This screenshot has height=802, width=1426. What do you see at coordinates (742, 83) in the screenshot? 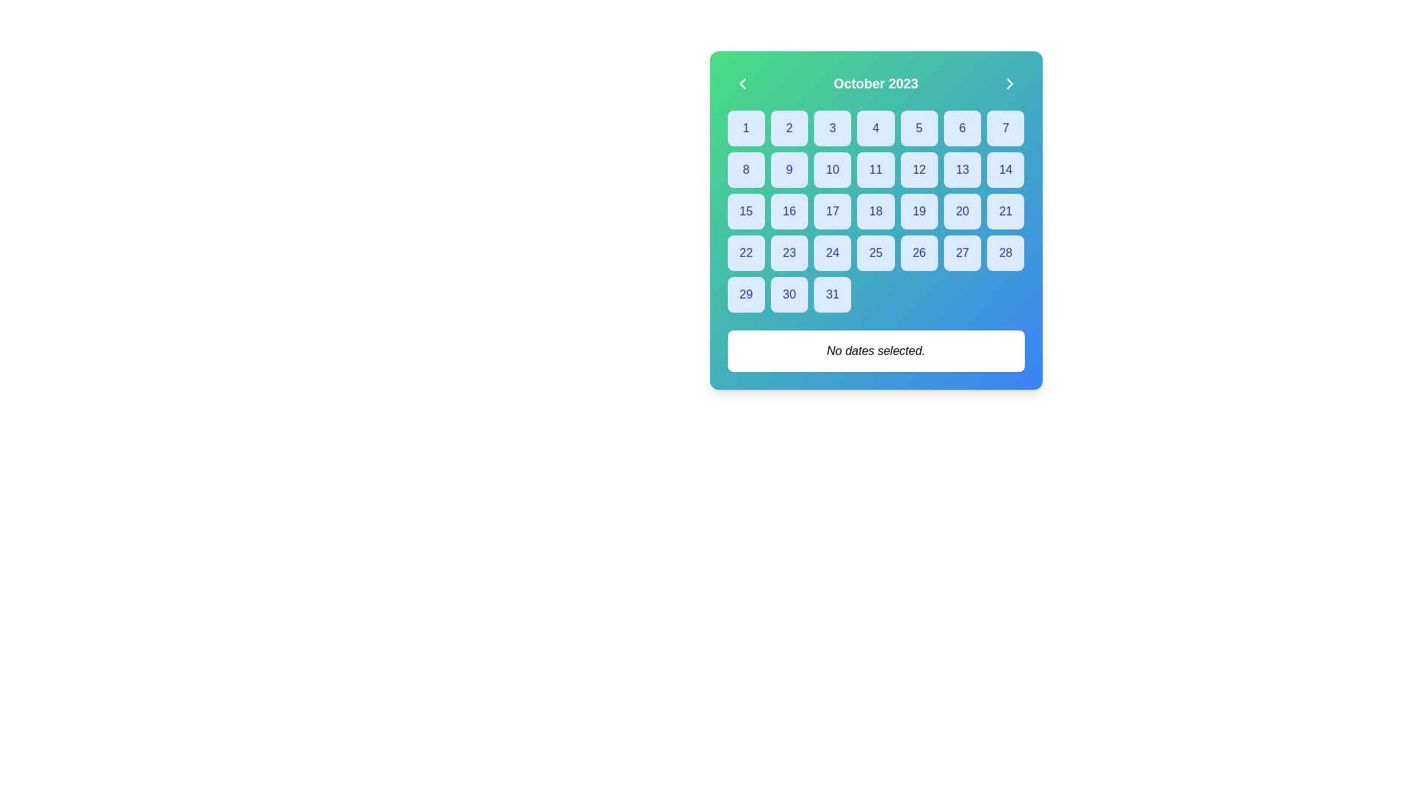
I see `the small, square-shaped green button with a leftward-pointing chevron icon` at bounding box center [742, 83].